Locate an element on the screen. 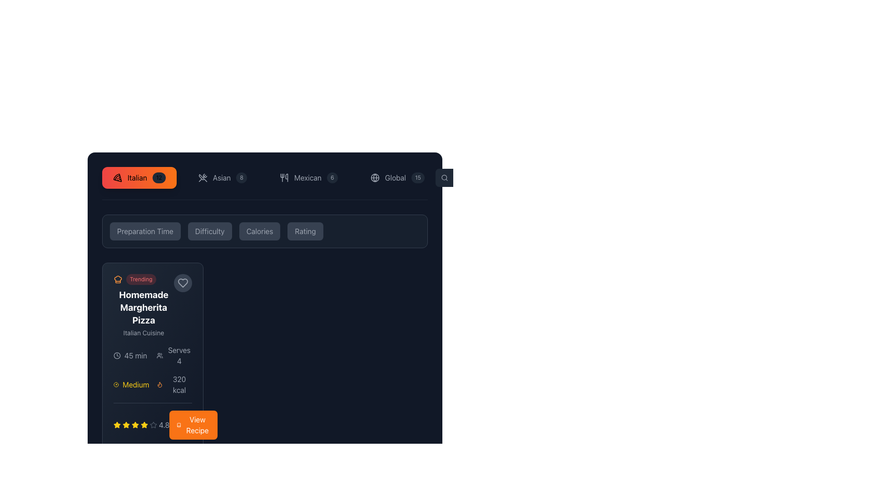 This screenshot has width=872, height=490. the heart icon located at the top right corner of the recipe card is located at coordinates (183, 283).